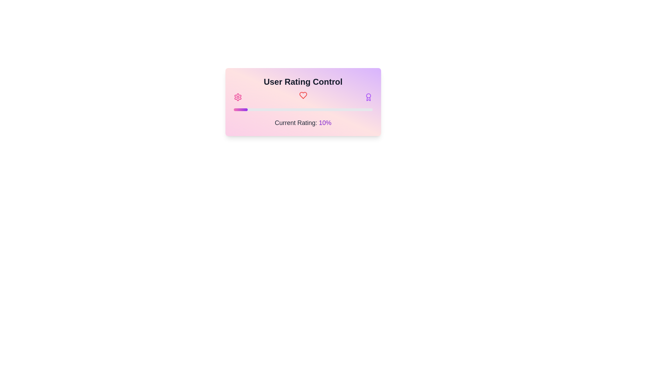 Image resolution: width=667 pixels, height=375 pixels. I want to click on the rating value, so click(286, 97).